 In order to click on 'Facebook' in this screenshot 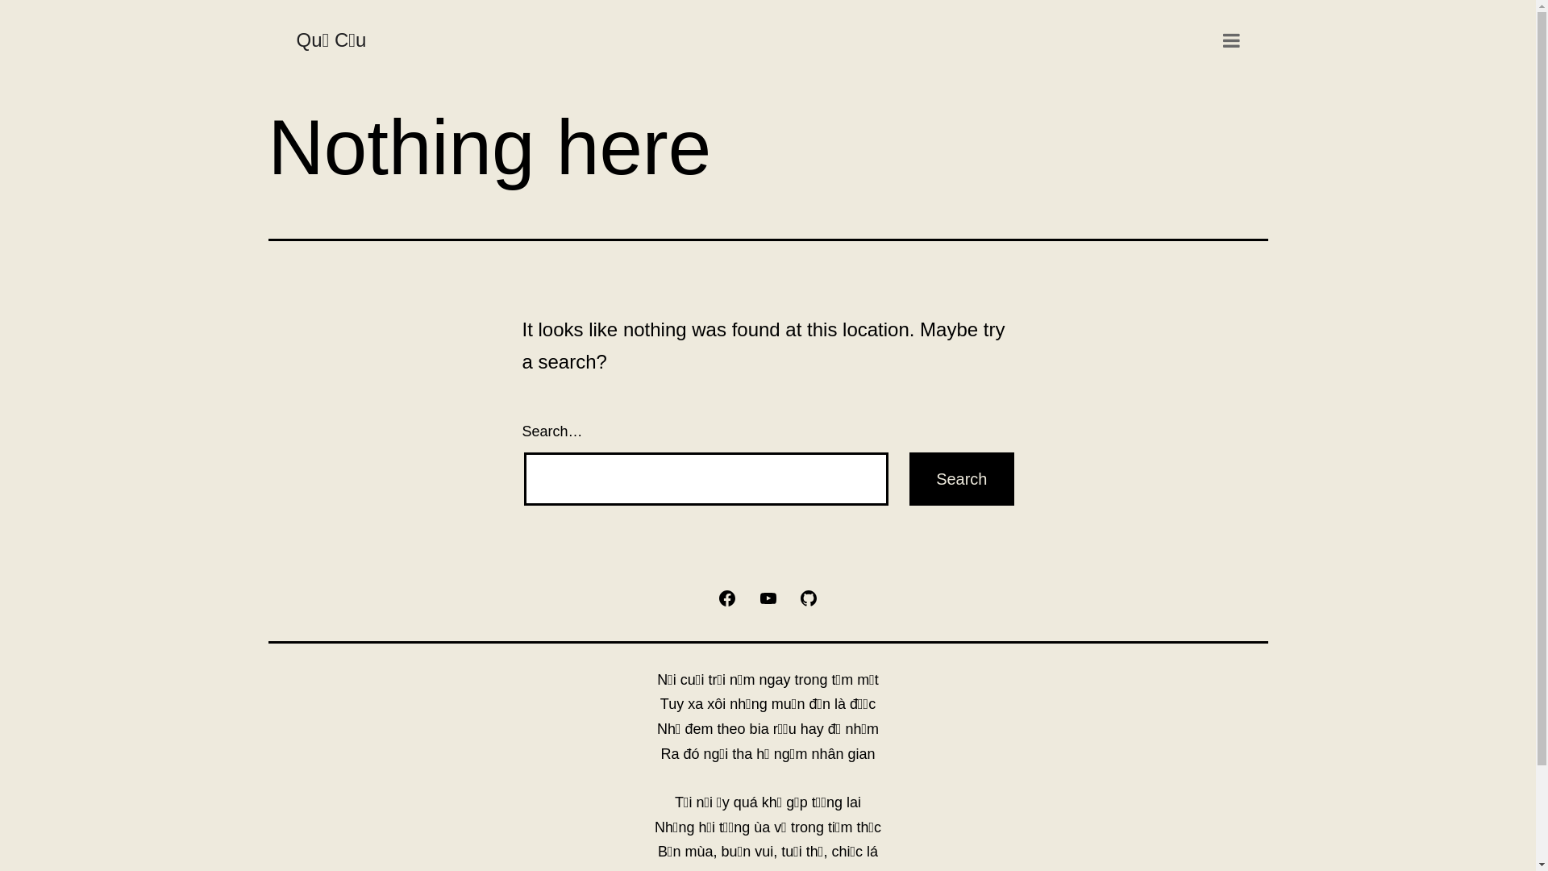, I will do `click(726, 597)`.